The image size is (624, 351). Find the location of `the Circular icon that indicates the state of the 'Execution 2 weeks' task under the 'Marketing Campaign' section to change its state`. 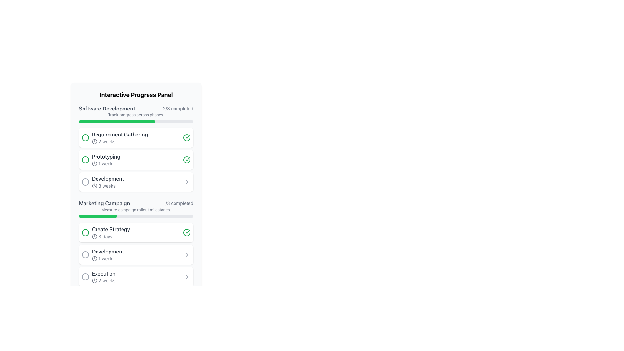

the Circular icon that indicates the state of the 'Execution 2 weeks' task under the 'Marketing Campaign' section to change its state is located at coordinates (85, 277).